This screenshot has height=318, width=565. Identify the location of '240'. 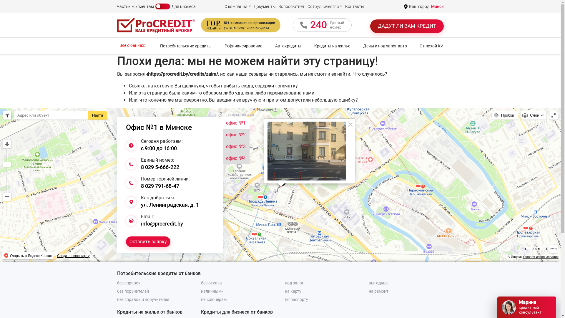
(318, 24).